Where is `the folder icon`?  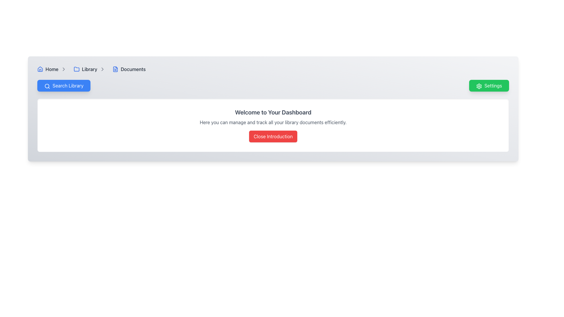
the folder icon is located at coordinates (76, 69).